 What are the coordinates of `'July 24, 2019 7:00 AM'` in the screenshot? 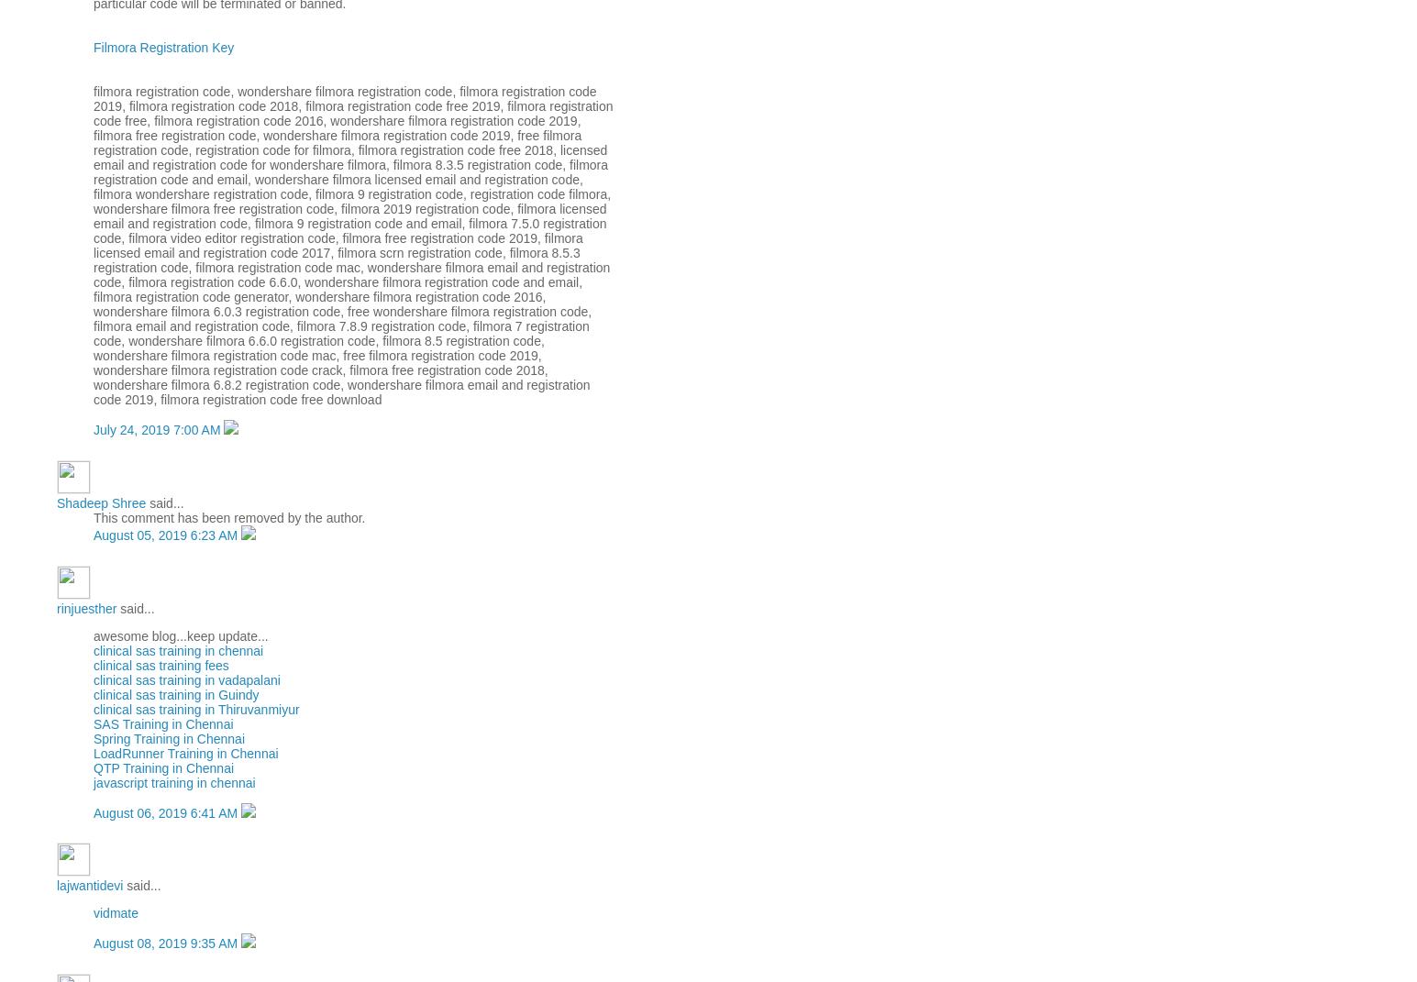 It's located at (92, 428).